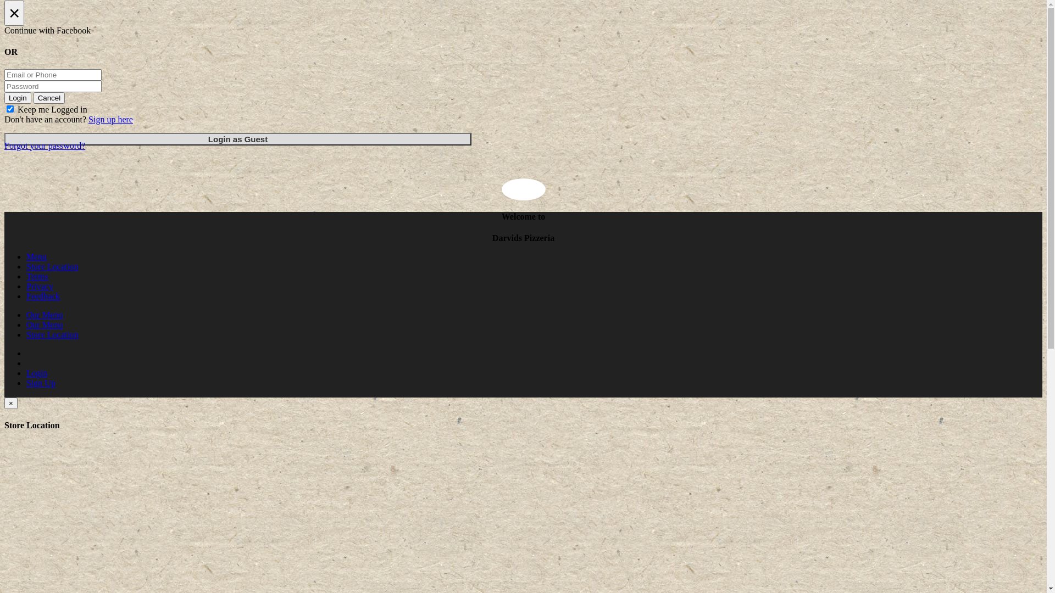  Describe the element at coordinates (4, 30) in the screenshot. I see `'Continue with Facebook'` at that location.